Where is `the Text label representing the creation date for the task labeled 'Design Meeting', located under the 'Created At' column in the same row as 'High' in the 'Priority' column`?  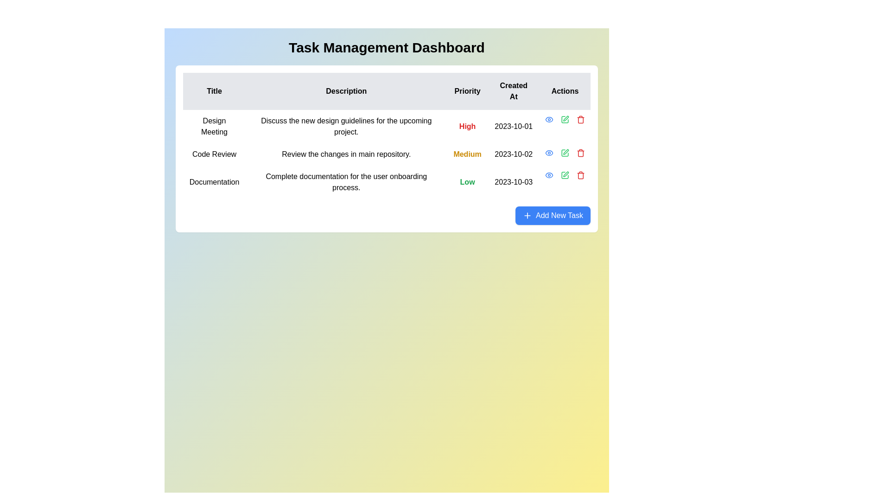 the Text label representing the creation date for the task labeled 'Design Meeting', located under the 'Created At' column in the same row as 'High' in the 'Priority' column is located at coordinates (513, 127).